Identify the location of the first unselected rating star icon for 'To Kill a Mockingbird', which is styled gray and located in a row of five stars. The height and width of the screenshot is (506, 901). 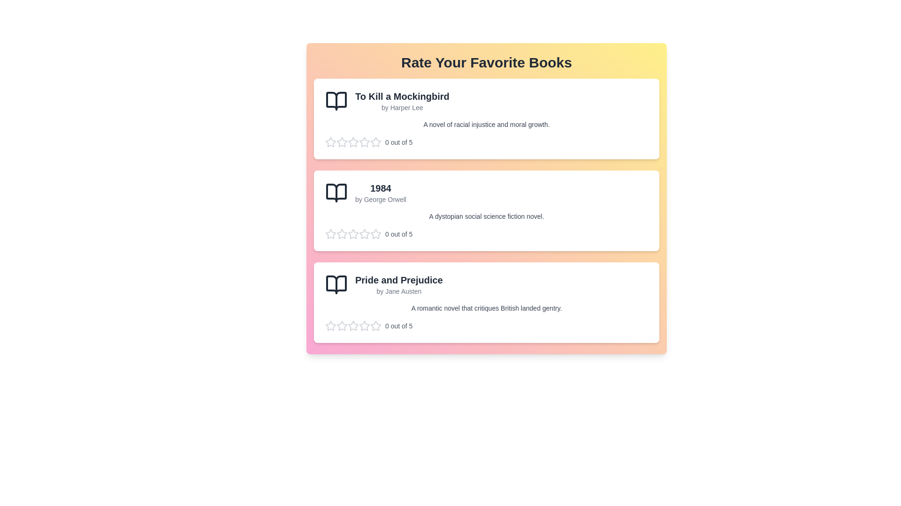
(376, 142).